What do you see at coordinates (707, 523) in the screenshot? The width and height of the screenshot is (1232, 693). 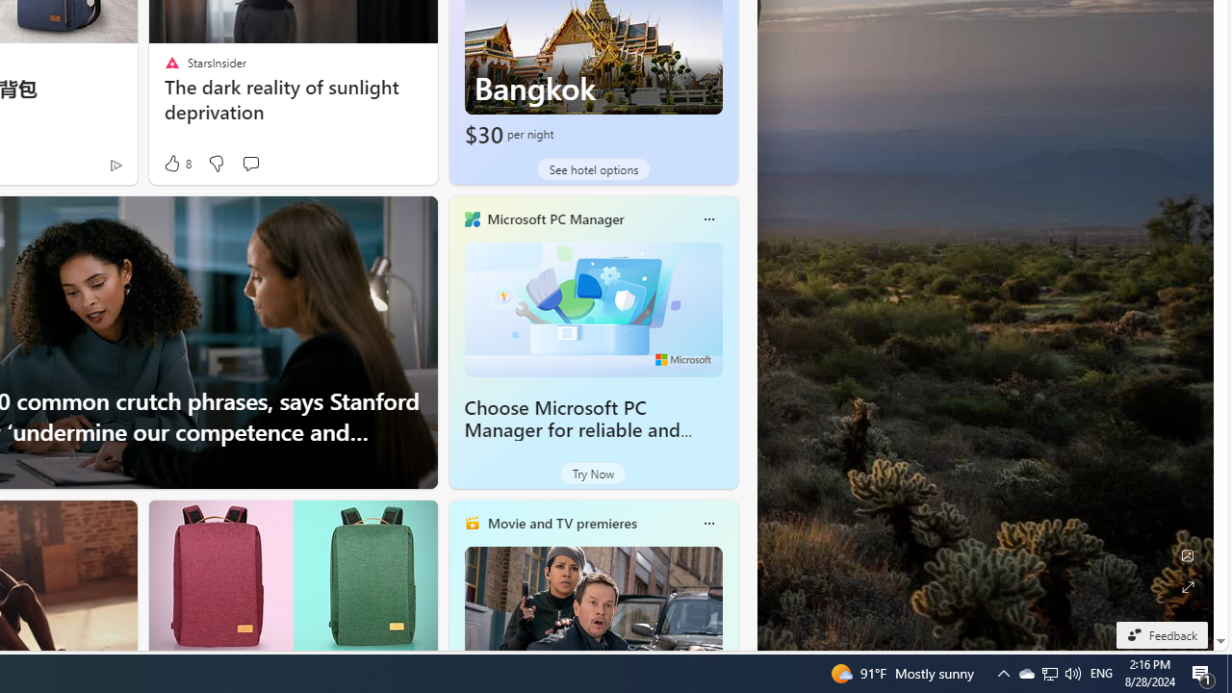 I see `'More options'` at bounding box center [707, 523].